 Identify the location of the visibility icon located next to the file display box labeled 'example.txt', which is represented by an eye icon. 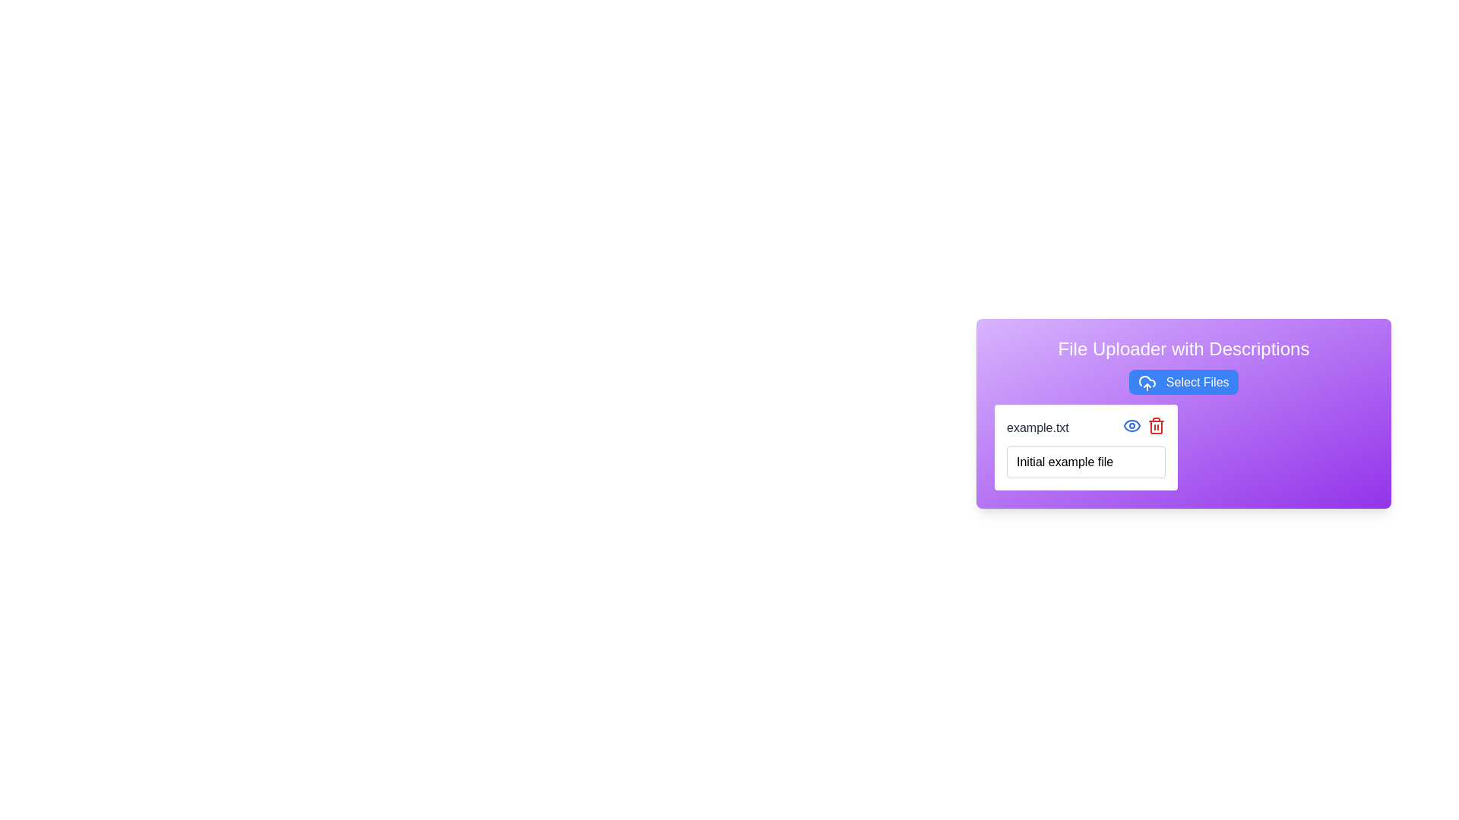
(1131, 424).